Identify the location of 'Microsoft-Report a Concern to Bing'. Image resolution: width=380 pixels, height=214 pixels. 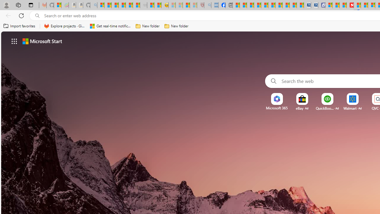
(57, 5).